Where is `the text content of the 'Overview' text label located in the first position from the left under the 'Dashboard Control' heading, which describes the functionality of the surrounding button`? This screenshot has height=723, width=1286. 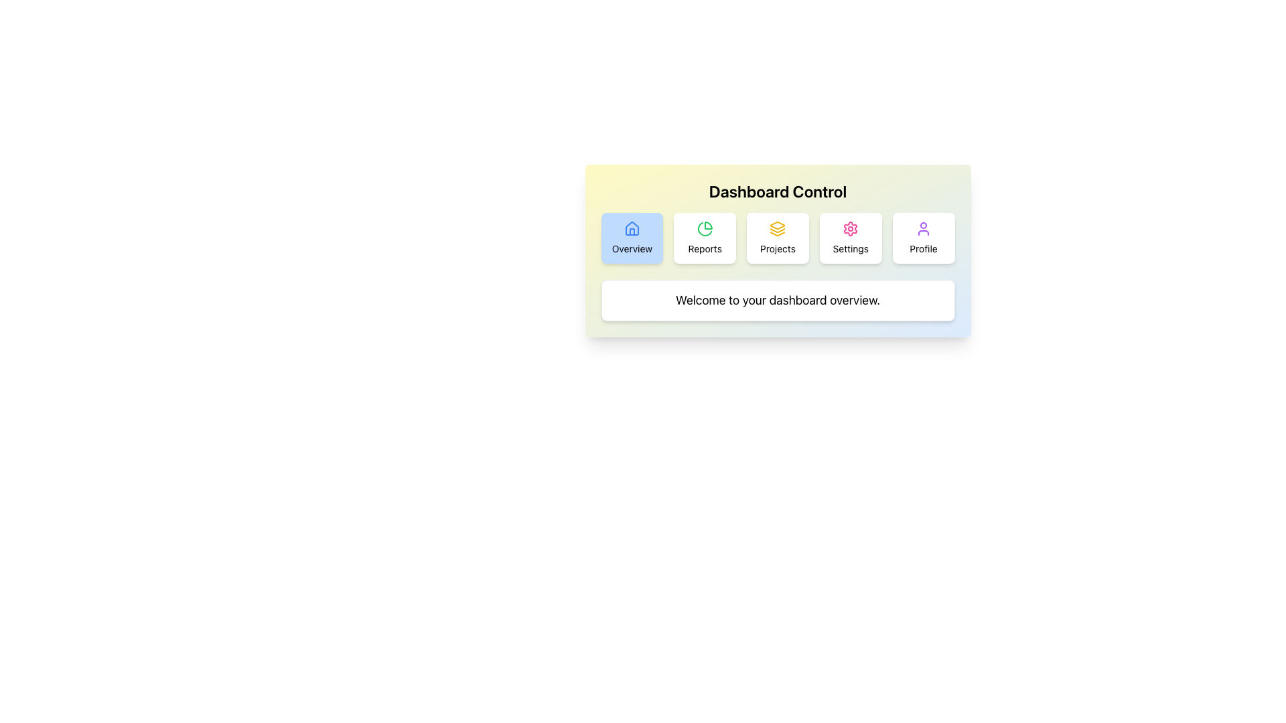 the text content of the 'Overview' text label located in the first position from the left under the 'Dashboard Control' heading, which describes the functionality of the surrounding button is located at coordinates (631, 248).